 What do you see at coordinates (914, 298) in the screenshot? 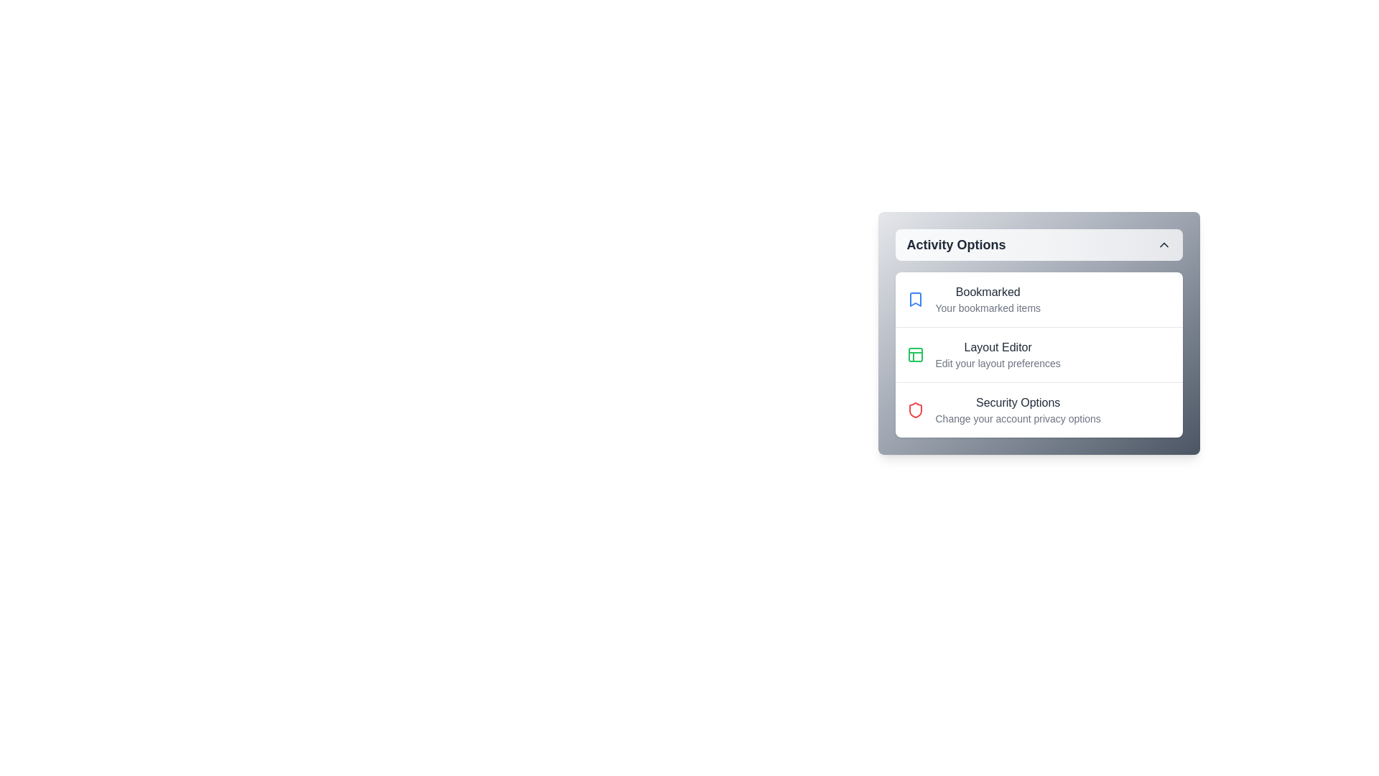
I see `the 'Bookmarked' icon located in the 'Activity Options' list, which is to the left of the text 'Bookmarked - Your bookmarked items'` at bounding box center [914, 298].